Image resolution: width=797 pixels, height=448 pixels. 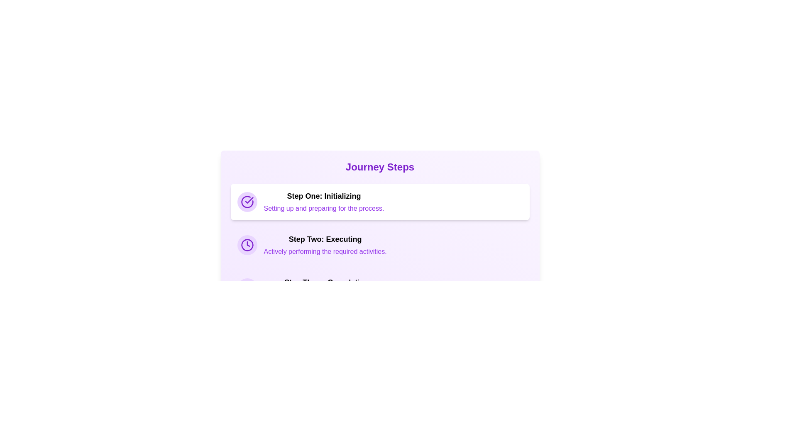 What do you see at coordinates (325, 251) in the screenshot?
I see `the static descriptive text stating 'Actively performing the required activities', which is displayed in purple font and positioned below the title 'Step Two: Executing'` at bounding box center [325, 251].